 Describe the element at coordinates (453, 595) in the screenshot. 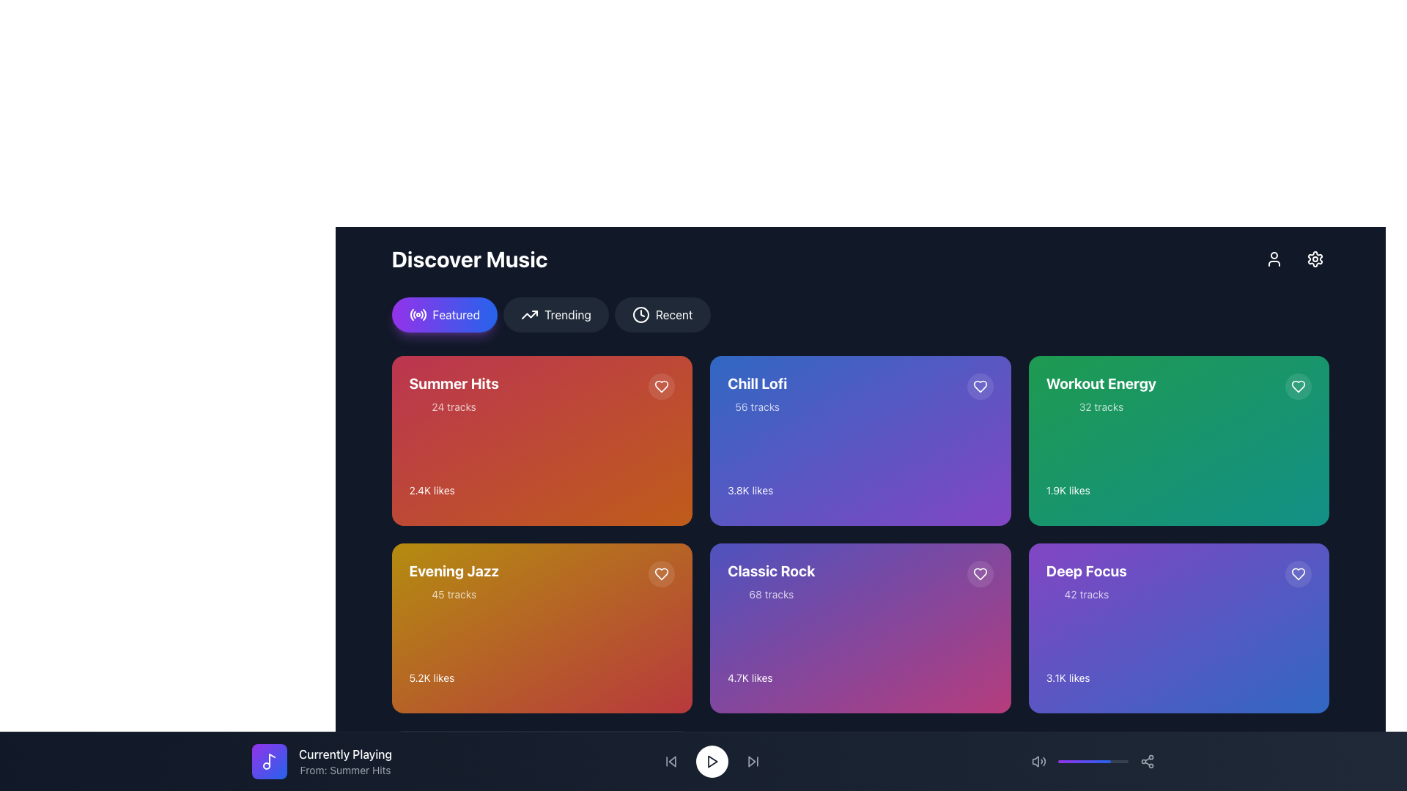

I see `the text label indicating the quantity of tracks for the 'Evening Jazz' playlist, located below the title in the bottom-left quadrant of the 'Discover Music' section` at that location.